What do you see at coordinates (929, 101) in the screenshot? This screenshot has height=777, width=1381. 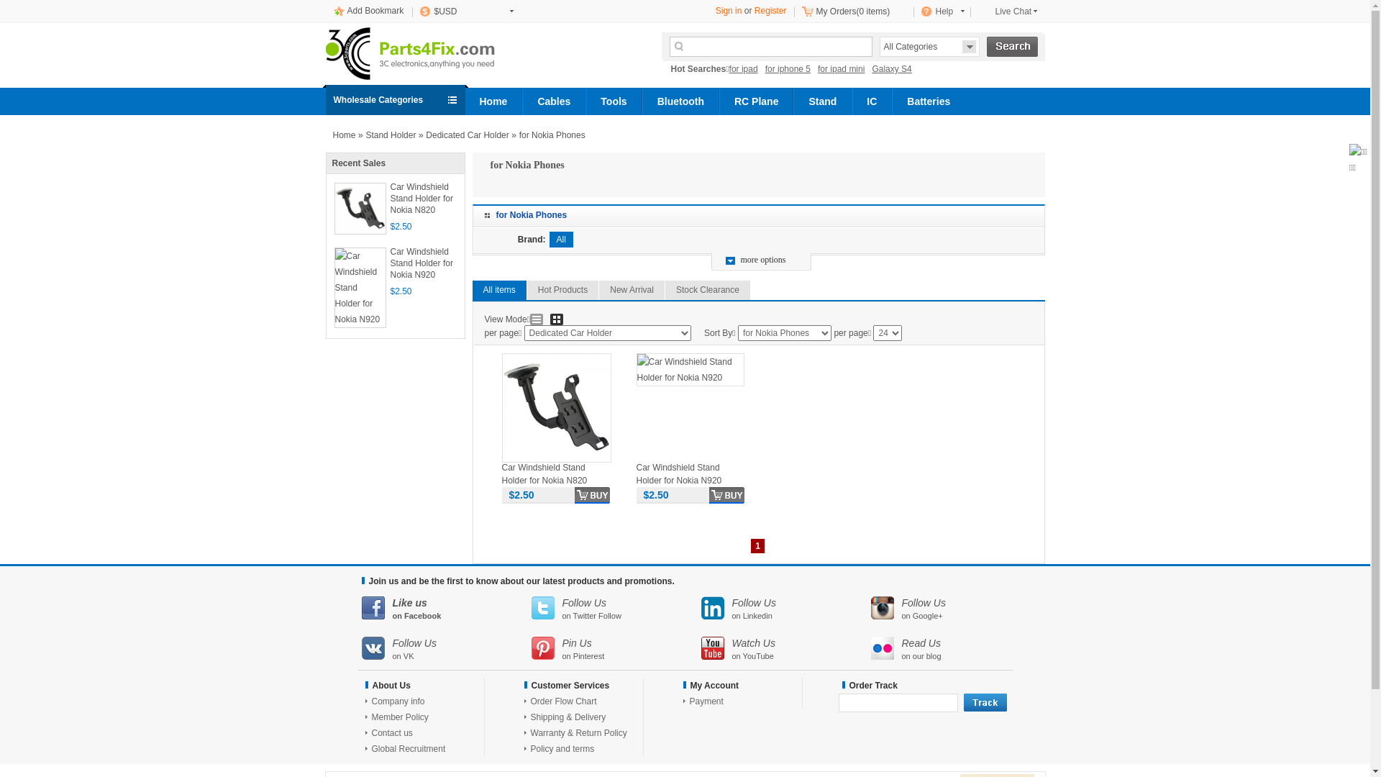 I see `'Batteries'` at bounding box center [929, 101].